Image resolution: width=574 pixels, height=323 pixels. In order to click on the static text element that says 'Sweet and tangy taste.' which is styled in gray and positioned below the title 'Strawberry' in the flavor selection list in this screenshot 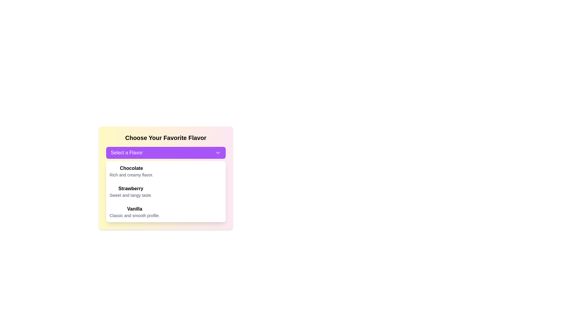, I will do `click(130, 195)`.